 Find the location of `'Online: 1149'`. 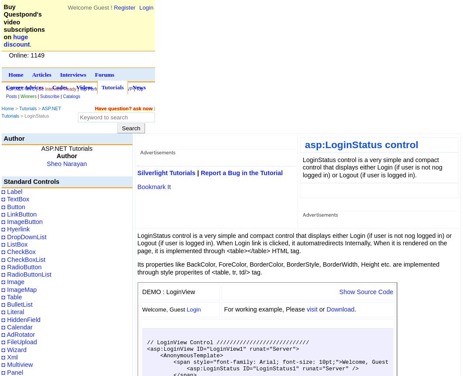

'Online: 1149' is located at coordinates (27, 55).